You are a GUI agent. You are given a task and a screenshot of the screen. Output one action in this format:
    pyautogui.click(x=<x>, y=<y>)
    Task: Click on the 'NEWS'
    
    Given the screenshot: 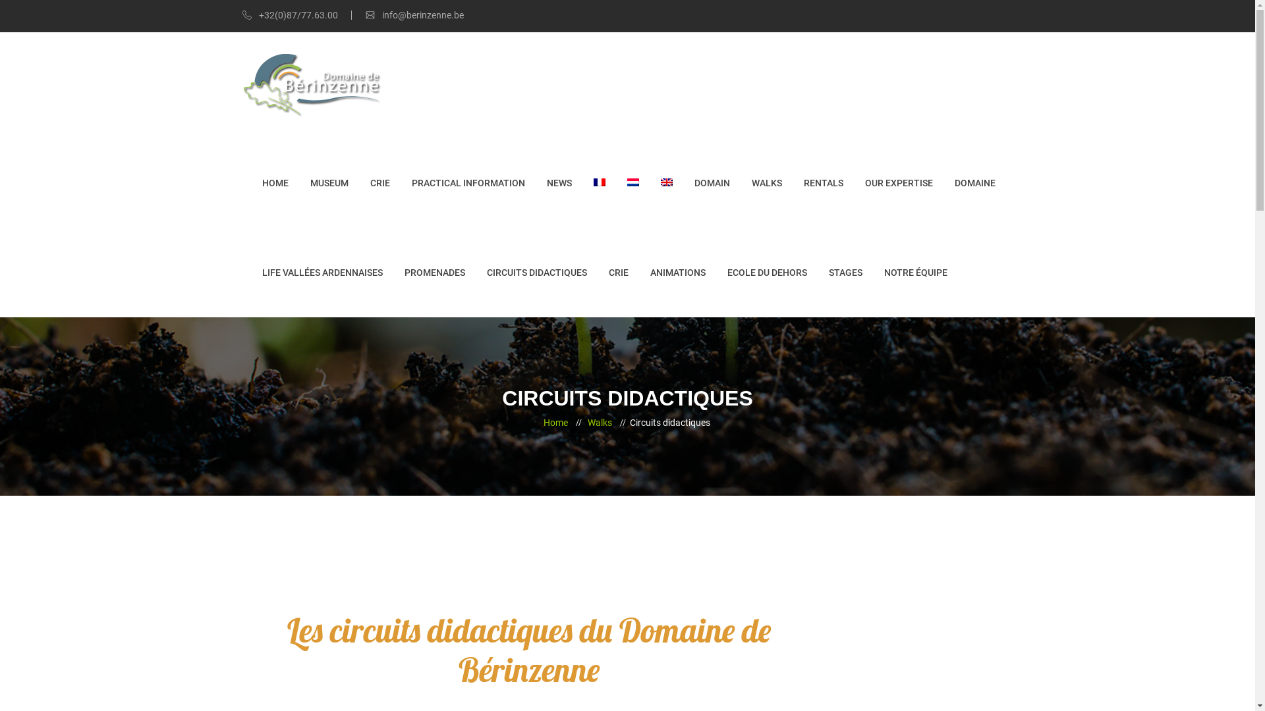 What is the action you would take?
    pyautogui.click(x=559, y=182)
    